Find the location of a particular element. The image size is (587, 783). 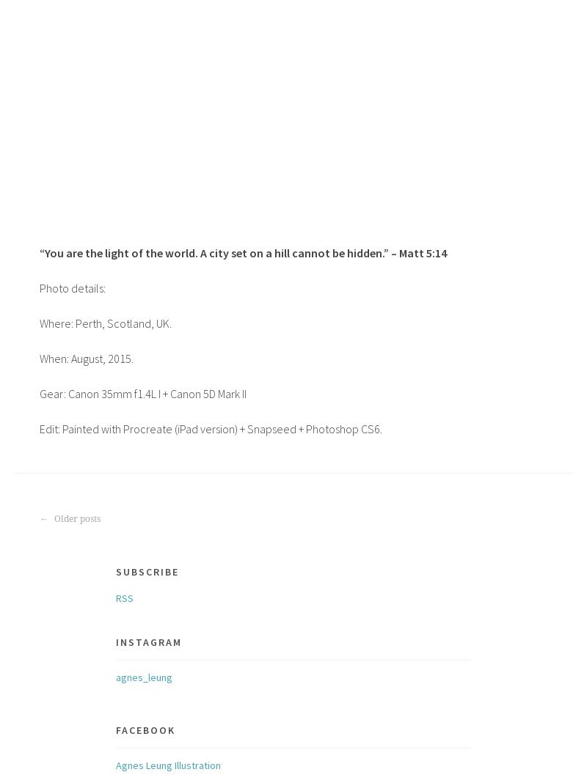

'When: August, 2015.' is located at coordinates (86, 357).